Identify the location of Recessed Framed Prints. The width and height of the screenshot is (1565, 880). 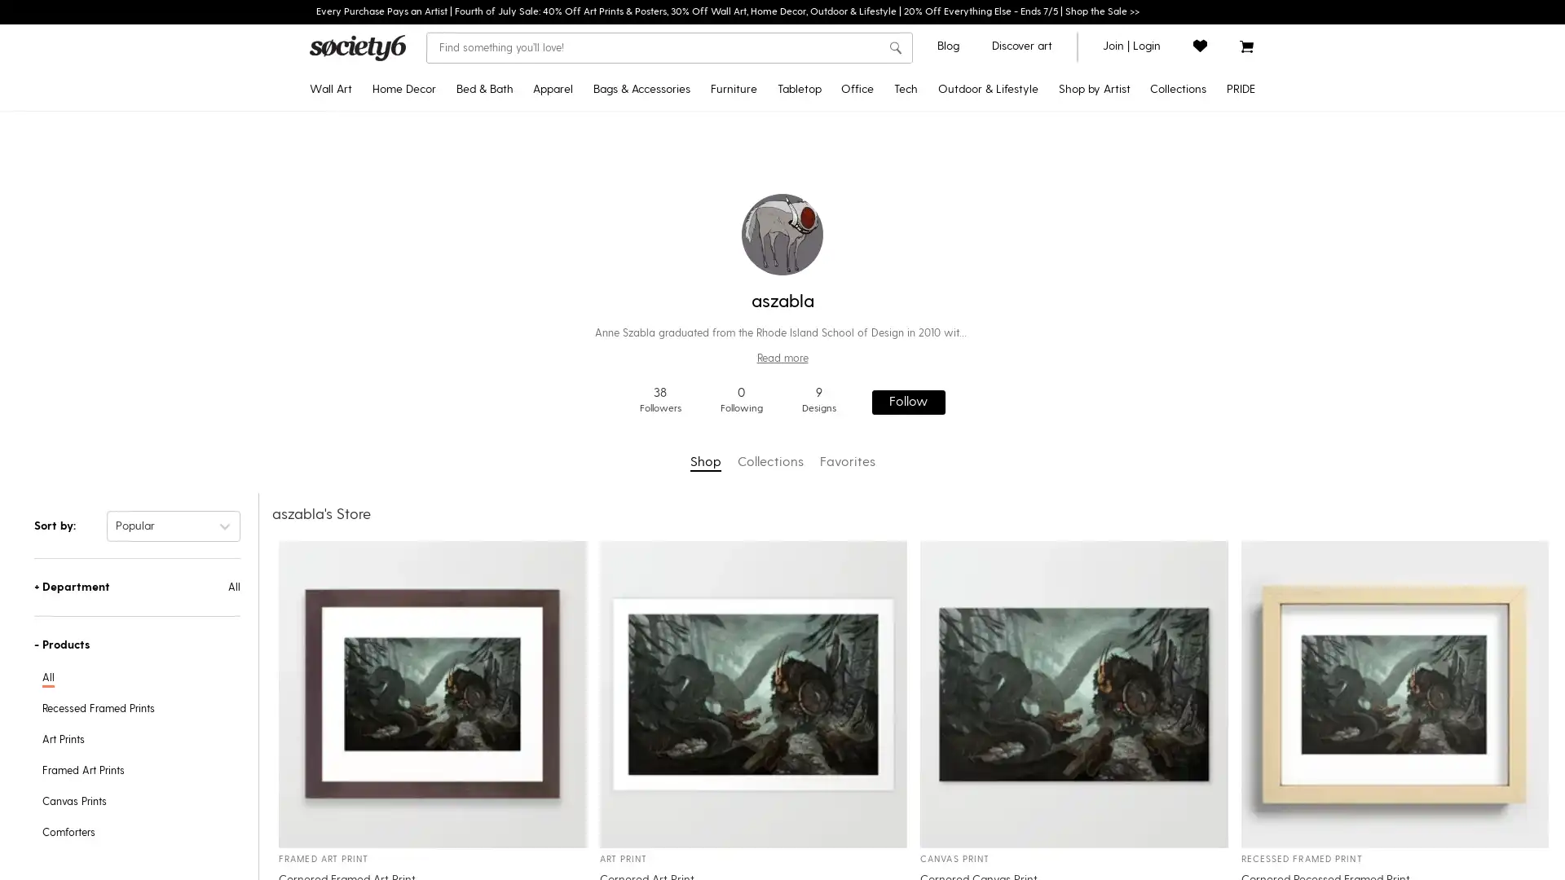
(383, 183).